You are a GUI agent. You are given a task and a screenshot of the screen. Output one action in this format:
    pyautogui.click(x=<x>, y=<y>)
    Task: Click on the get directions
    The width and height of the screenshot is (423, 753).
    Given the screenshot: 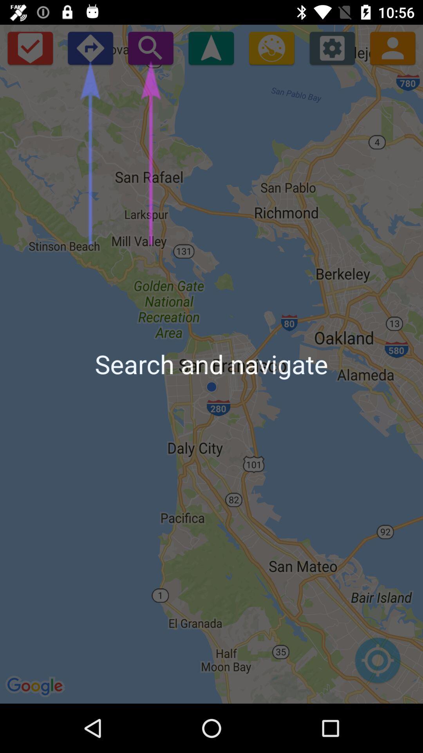 What is the action you would take?
    pyautogui.click(x=271, y=47)
    